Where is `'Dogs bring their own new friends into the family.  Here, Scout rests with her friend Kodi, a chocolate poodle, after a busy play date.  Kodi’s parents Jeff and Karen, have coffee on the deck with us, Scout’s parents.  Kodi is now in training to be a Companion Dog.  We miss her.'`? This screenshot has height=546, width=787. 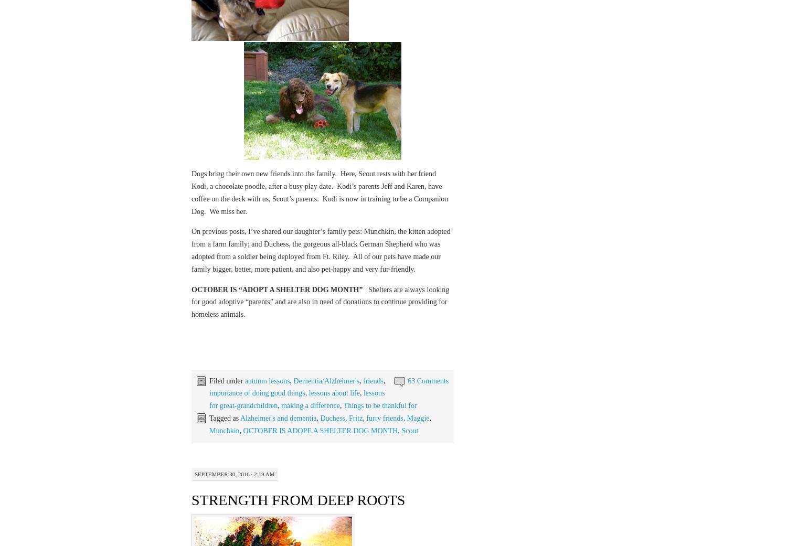 'Dogs bring their own new friends into the family.  Here, Scout rests with her friend Kodi, a chocolate poodle, after a busy play date.  Kodi’s parents Jeff and Karen, have coffee on the deck with us, Scout’s parents.  Kodi is now in training to be a Companion Dog.  We miss her.' is located at coordinates (319, 192).